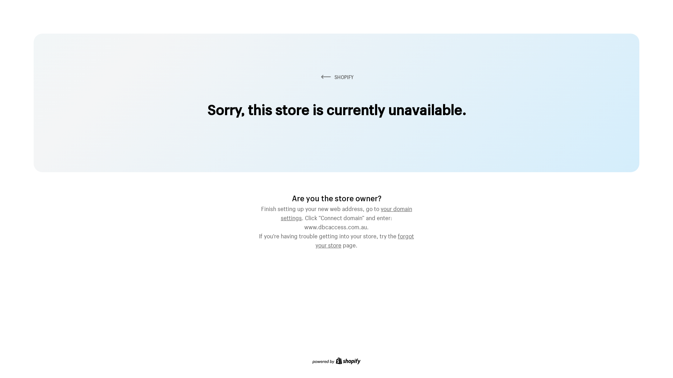 The height and width of the screenshot is (378, 673). Describe the element at coordinates (336, 77) in the screenshot. I see `'SHOPIFY'` at that location.